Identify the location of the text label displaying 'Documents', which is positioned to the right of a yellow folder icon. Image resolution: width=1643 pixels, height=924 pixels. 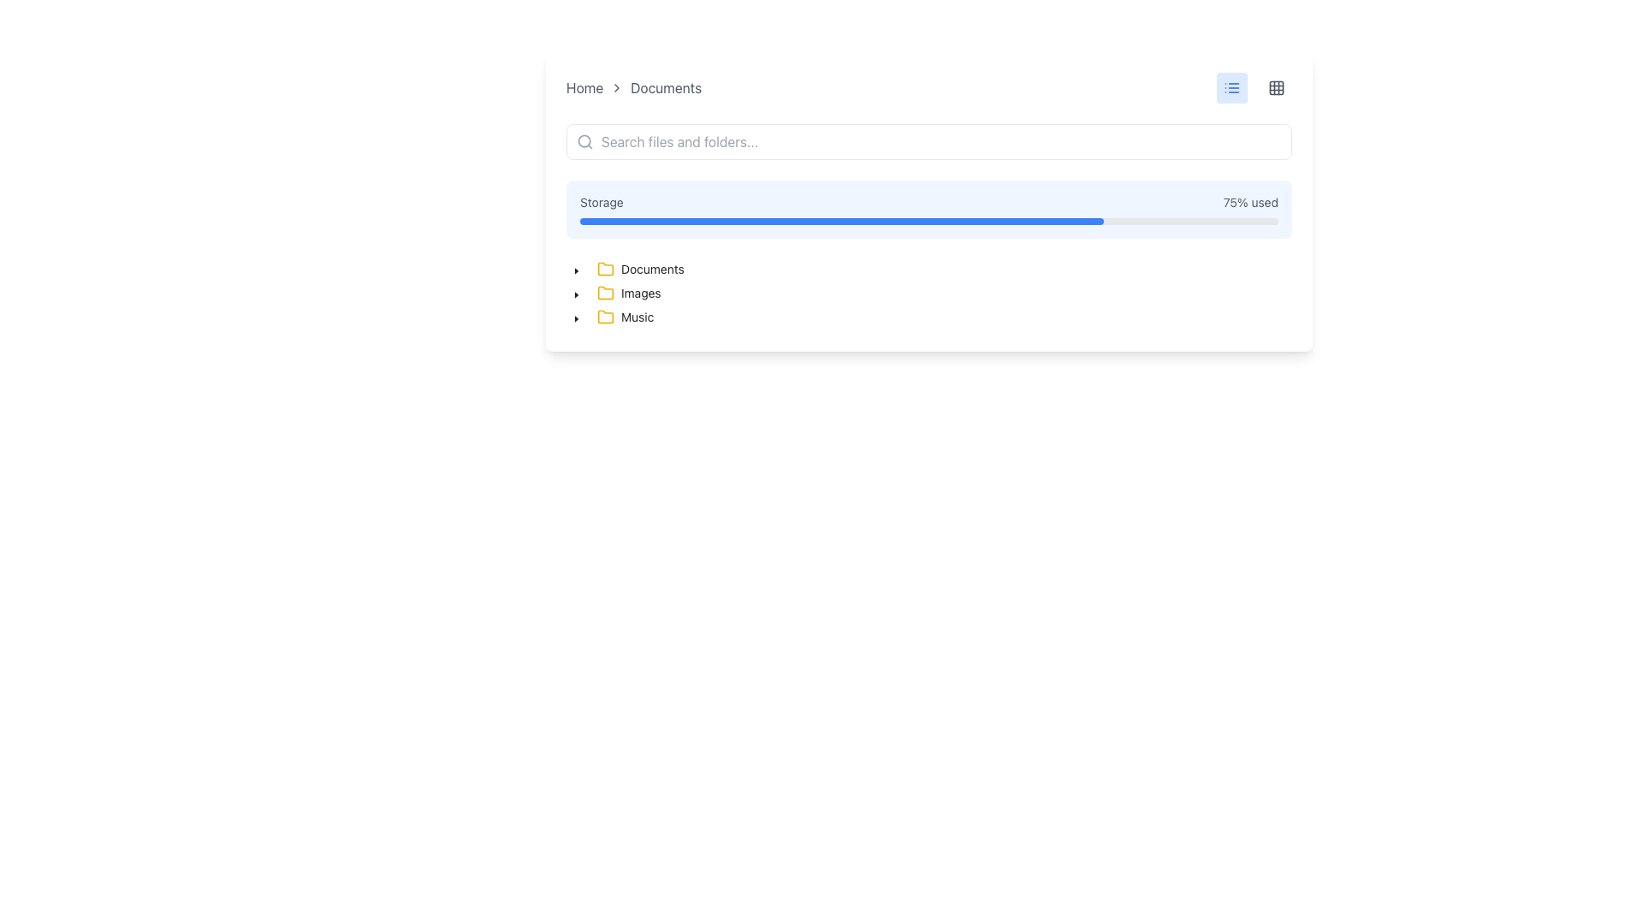
(651, 269).